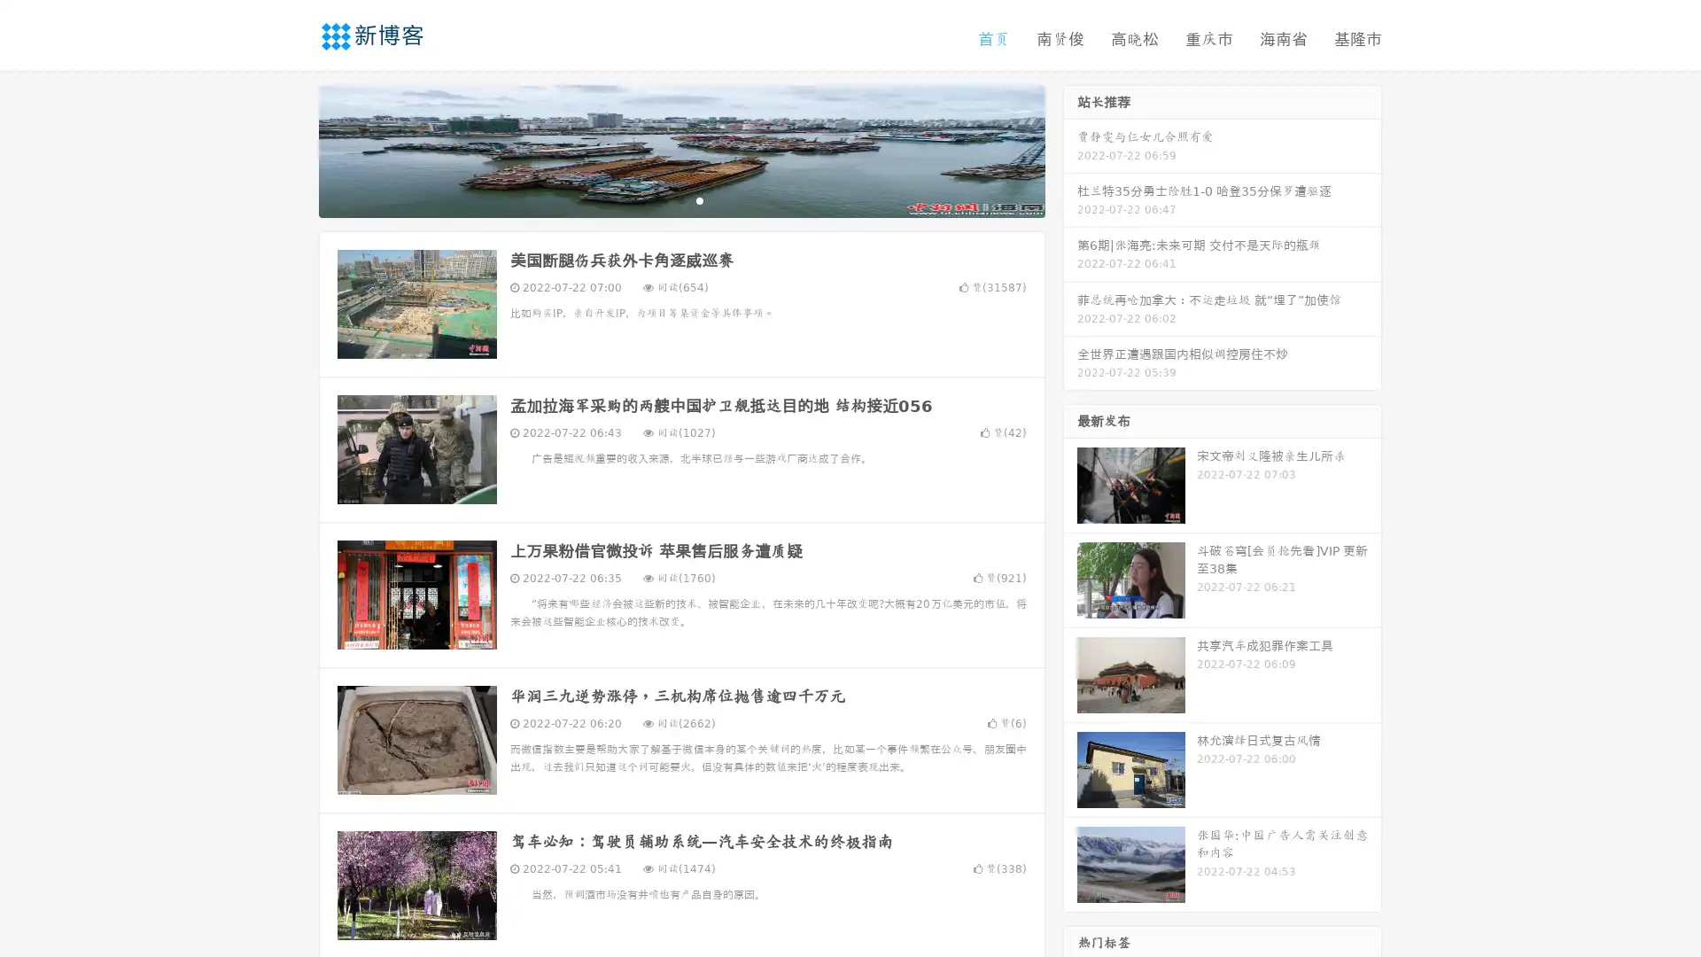  What do you see at coordinates (292, 149) in the screenshot?
I see `Previous slide` at bounding box center [292, 149].